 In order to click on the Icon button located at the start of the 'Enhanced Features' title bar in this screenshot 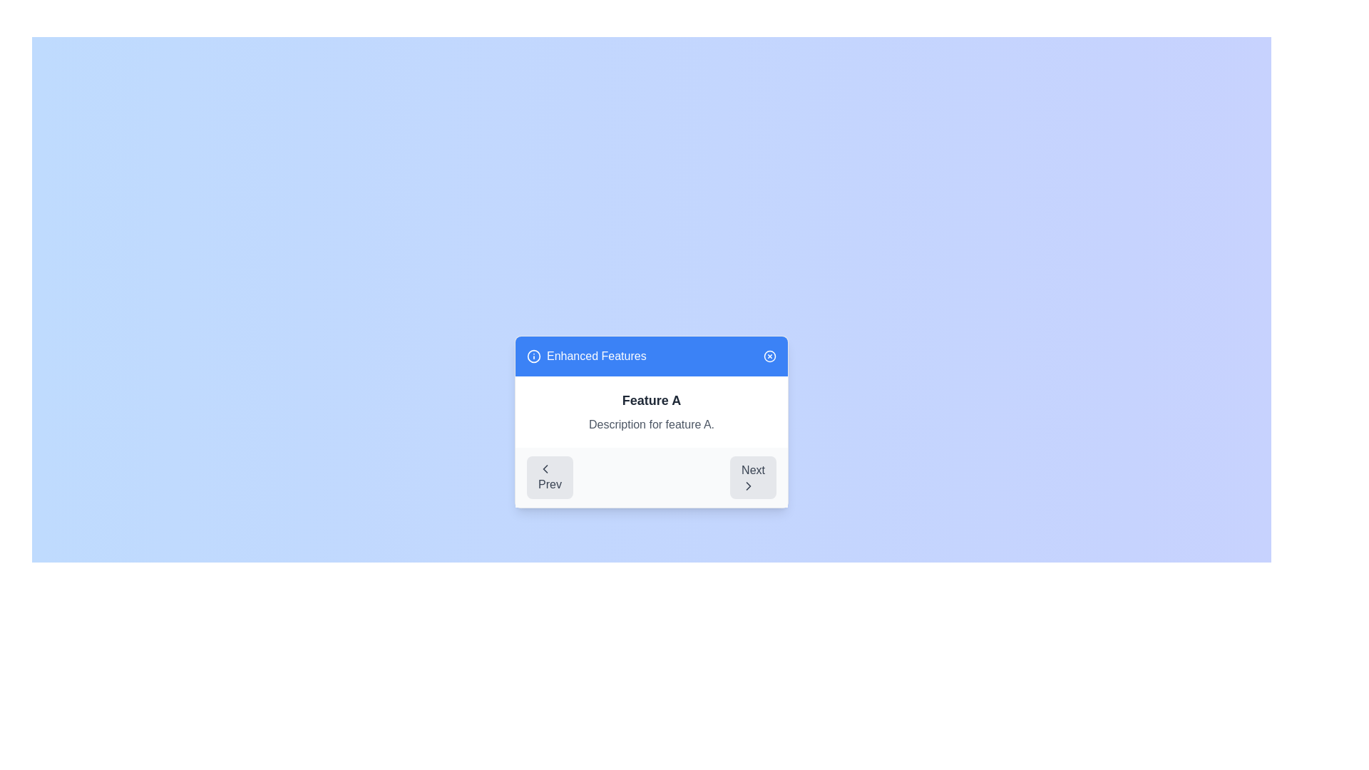, I will do `click(533, 356)`.